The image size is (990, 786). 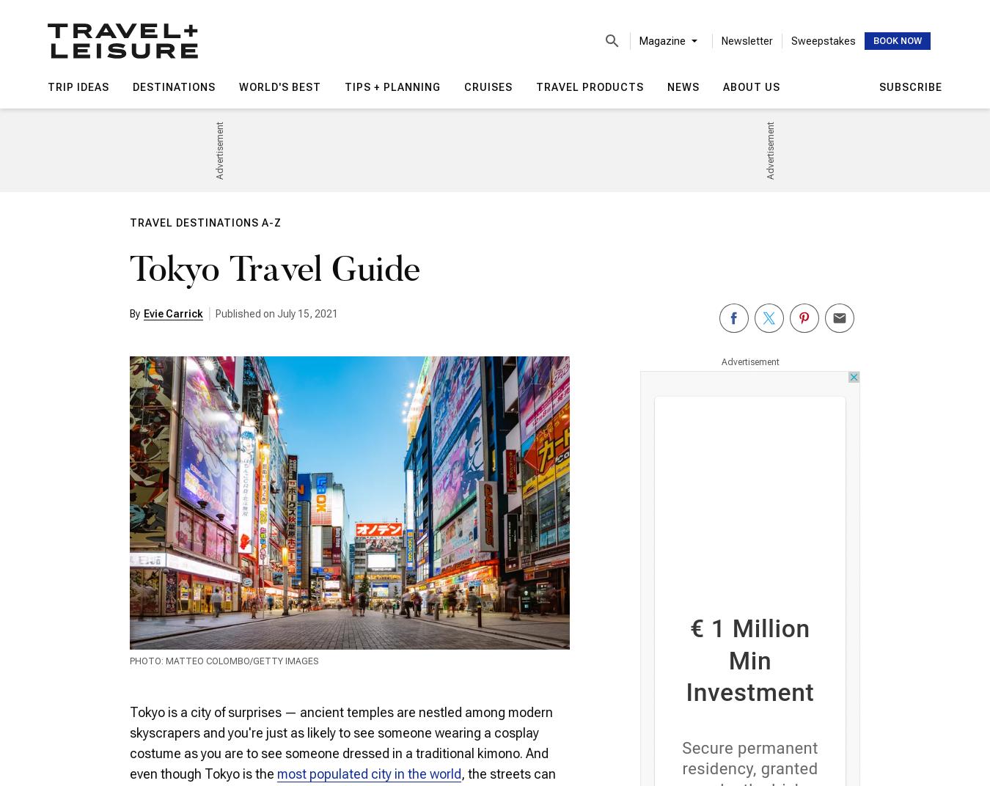 I want to click on 'Travel Products', so click(x=590, y=87).